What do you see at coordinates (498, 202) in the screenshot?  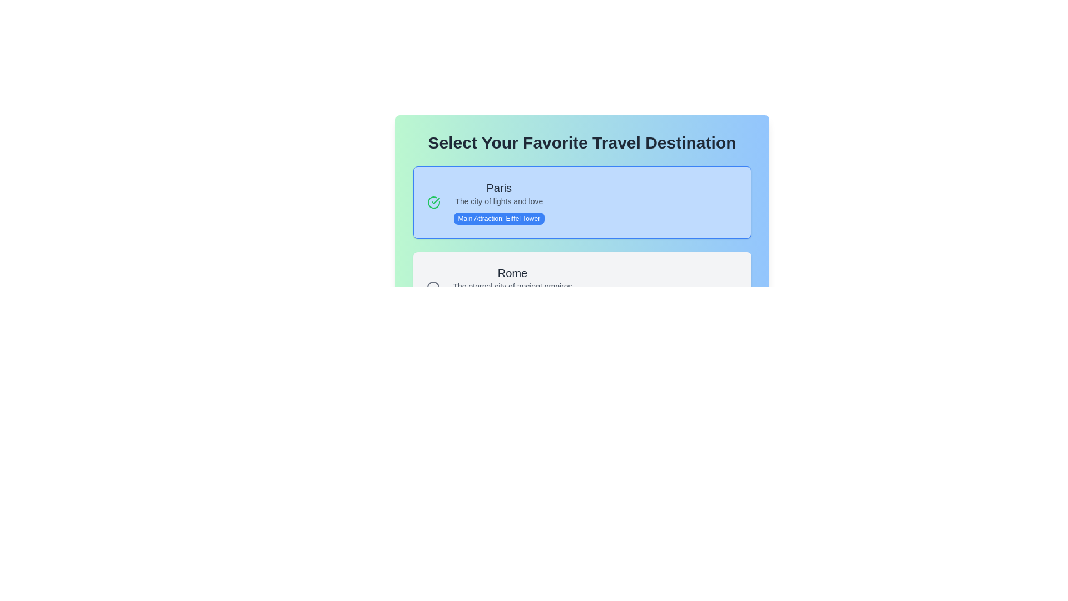 I see `information displayed in the static text element that features 'Paris' in a large bold font, followed by a smaller description and a main attraction highlighted in a contrasting blue background` at bounding box center [498, 202].